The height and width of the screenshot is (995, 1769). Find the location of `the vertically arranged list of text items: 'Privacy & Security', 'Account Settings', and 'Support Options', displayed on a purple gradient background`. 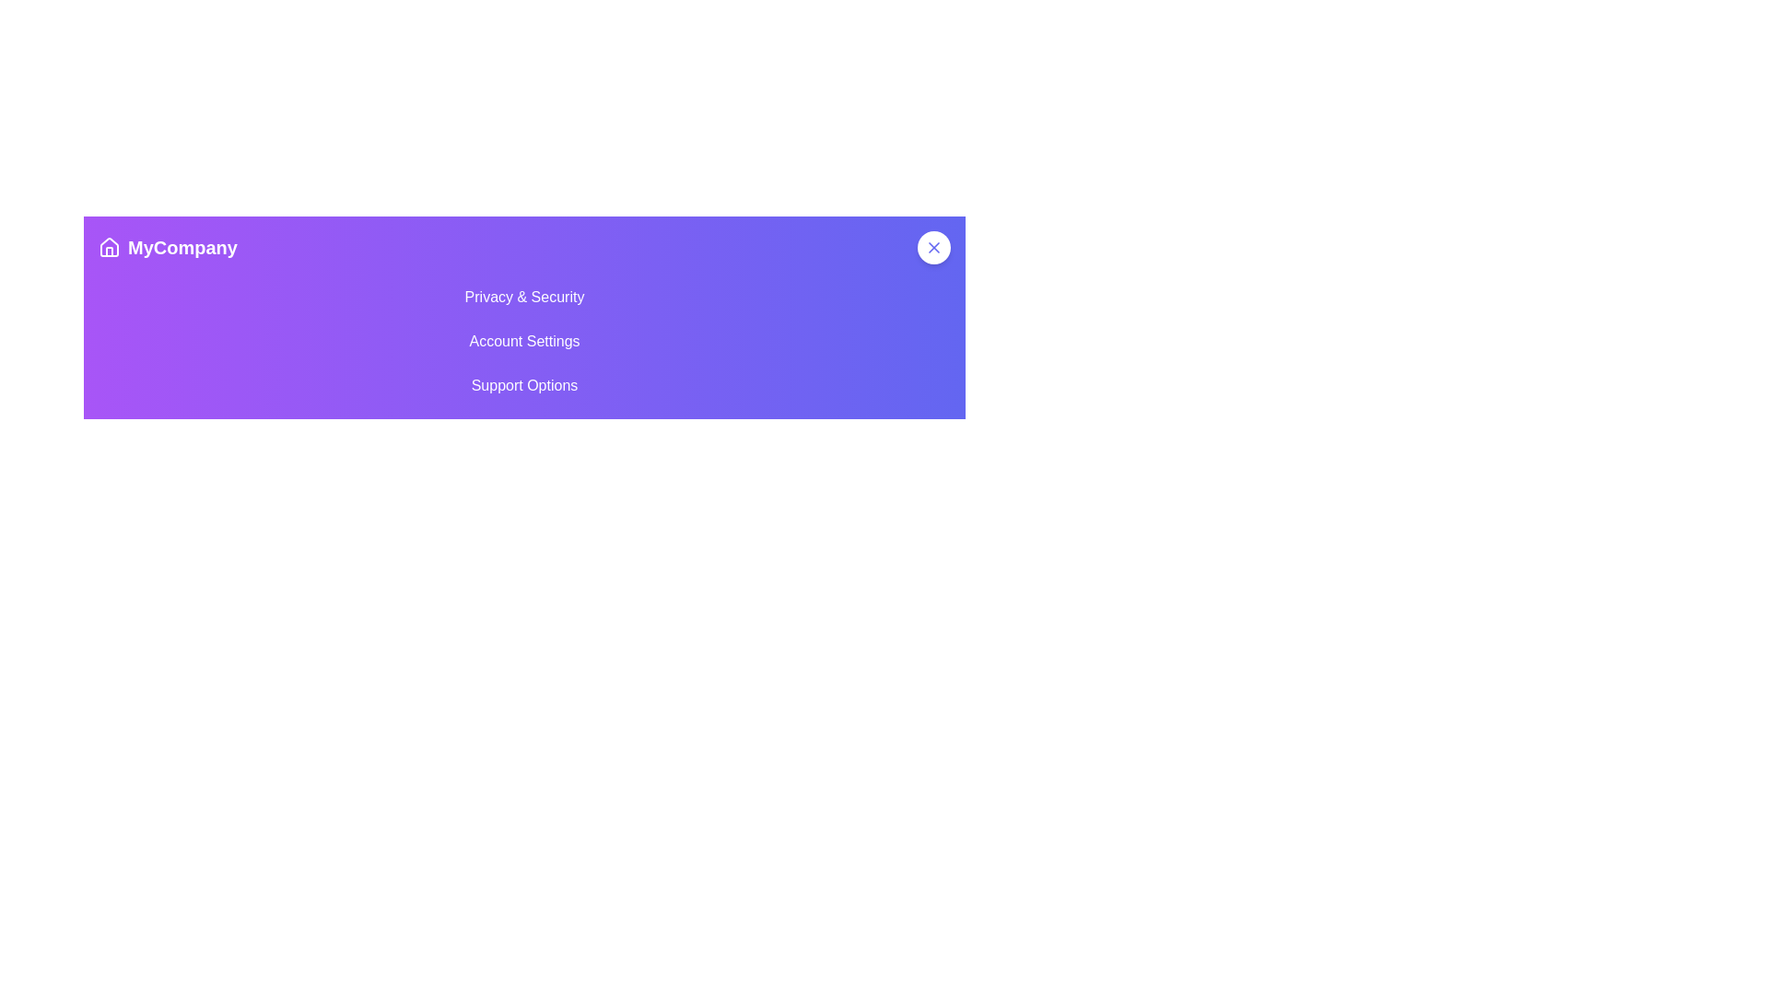

the vertically arranged list of text items: 'Privacy & Security', 'Account Settings', and 'Support Options', displayed on a purple gradient background is located at coordinates (523, 341).